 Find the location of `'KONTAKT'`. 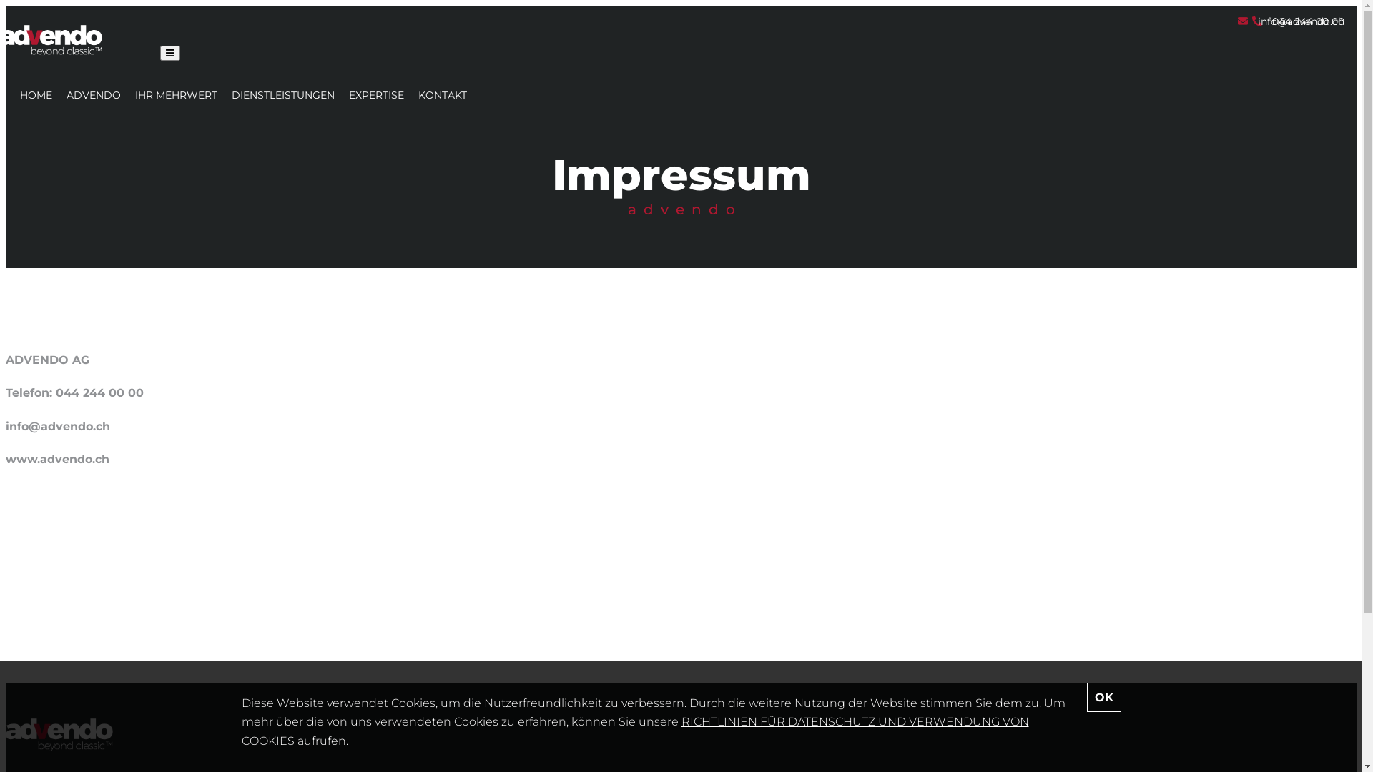

'KONTAKT' is located at coordinates (418, 94).